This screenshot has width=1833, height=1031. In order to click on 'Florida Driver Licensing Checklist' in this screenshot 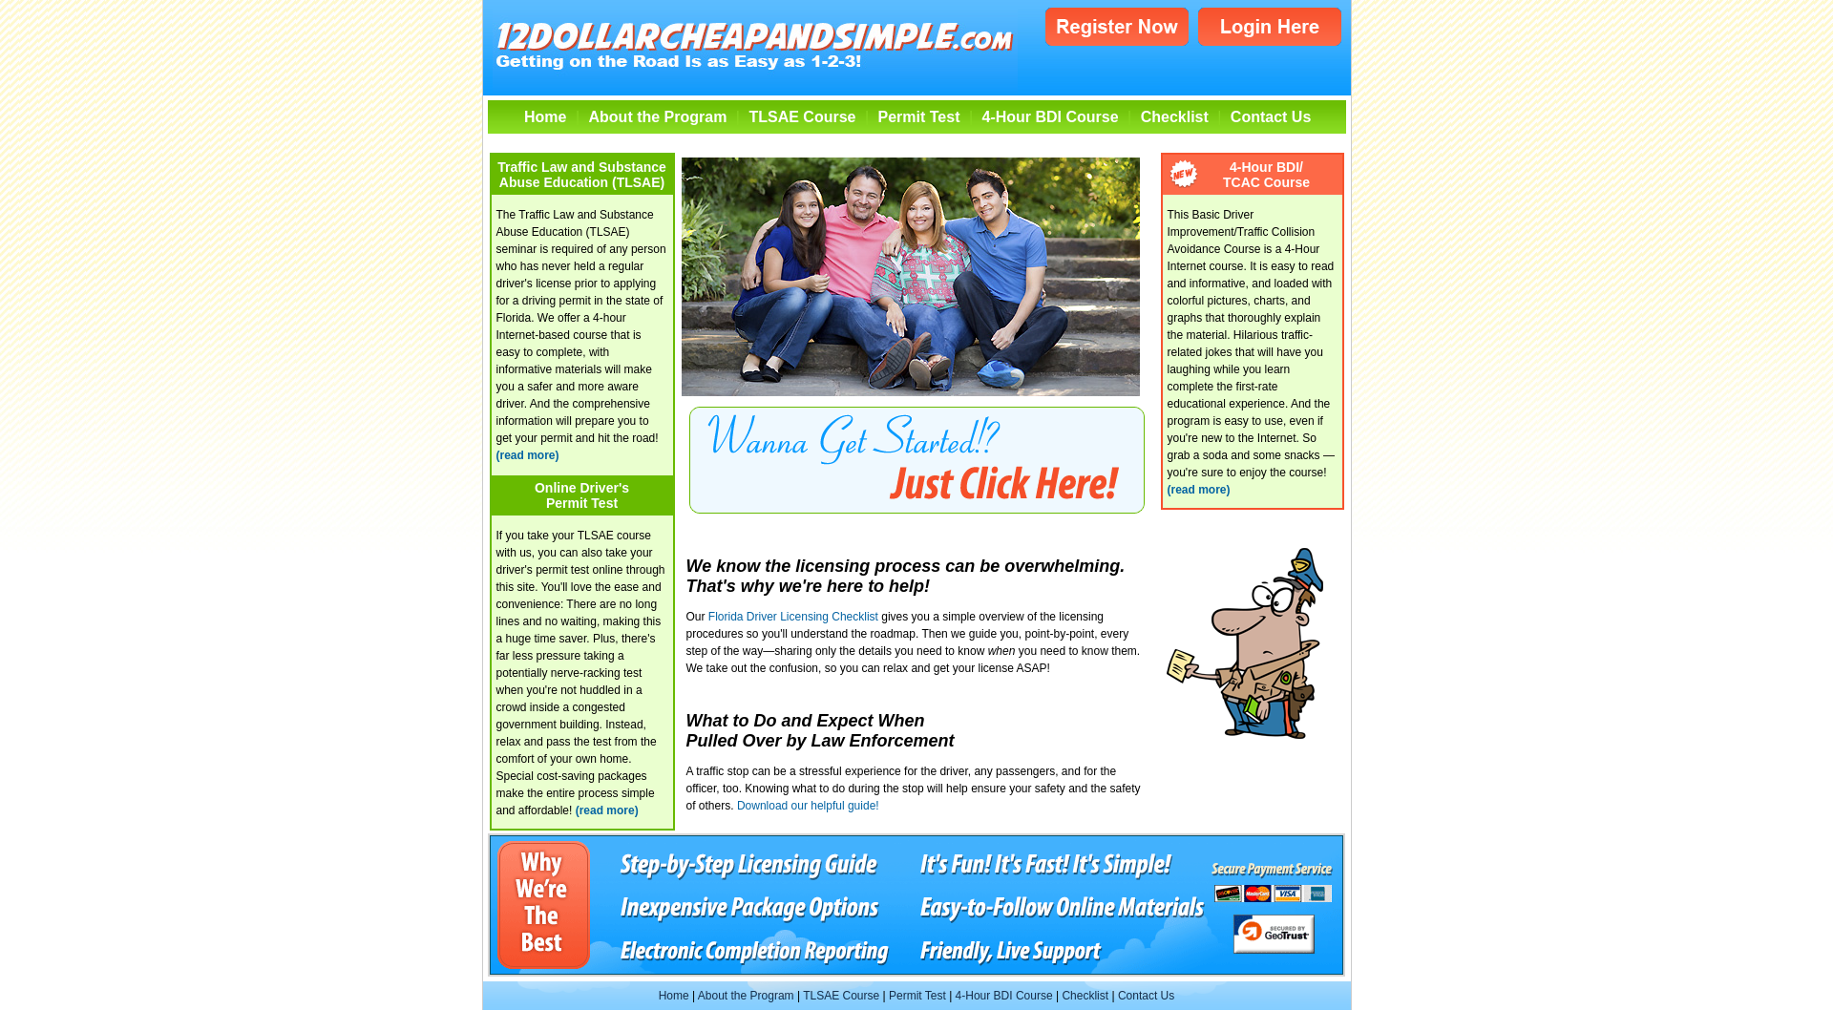, I will do `click(707, 615)`.